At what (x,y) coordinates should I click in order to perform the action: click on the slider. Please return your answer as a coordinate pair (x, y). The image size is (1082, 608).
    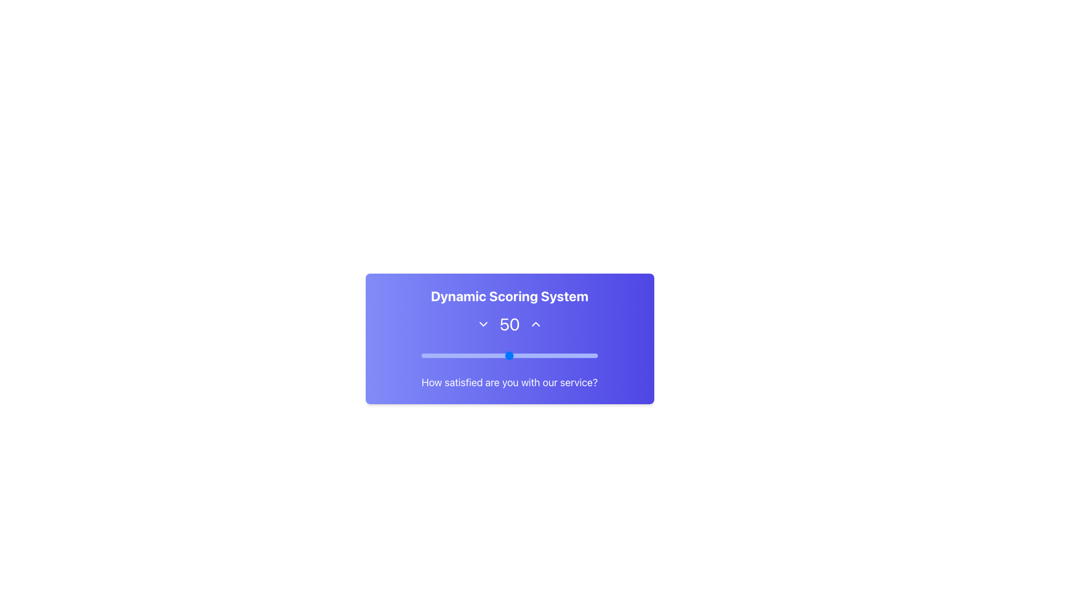
    Looking at the image, I should click on (471, 353).